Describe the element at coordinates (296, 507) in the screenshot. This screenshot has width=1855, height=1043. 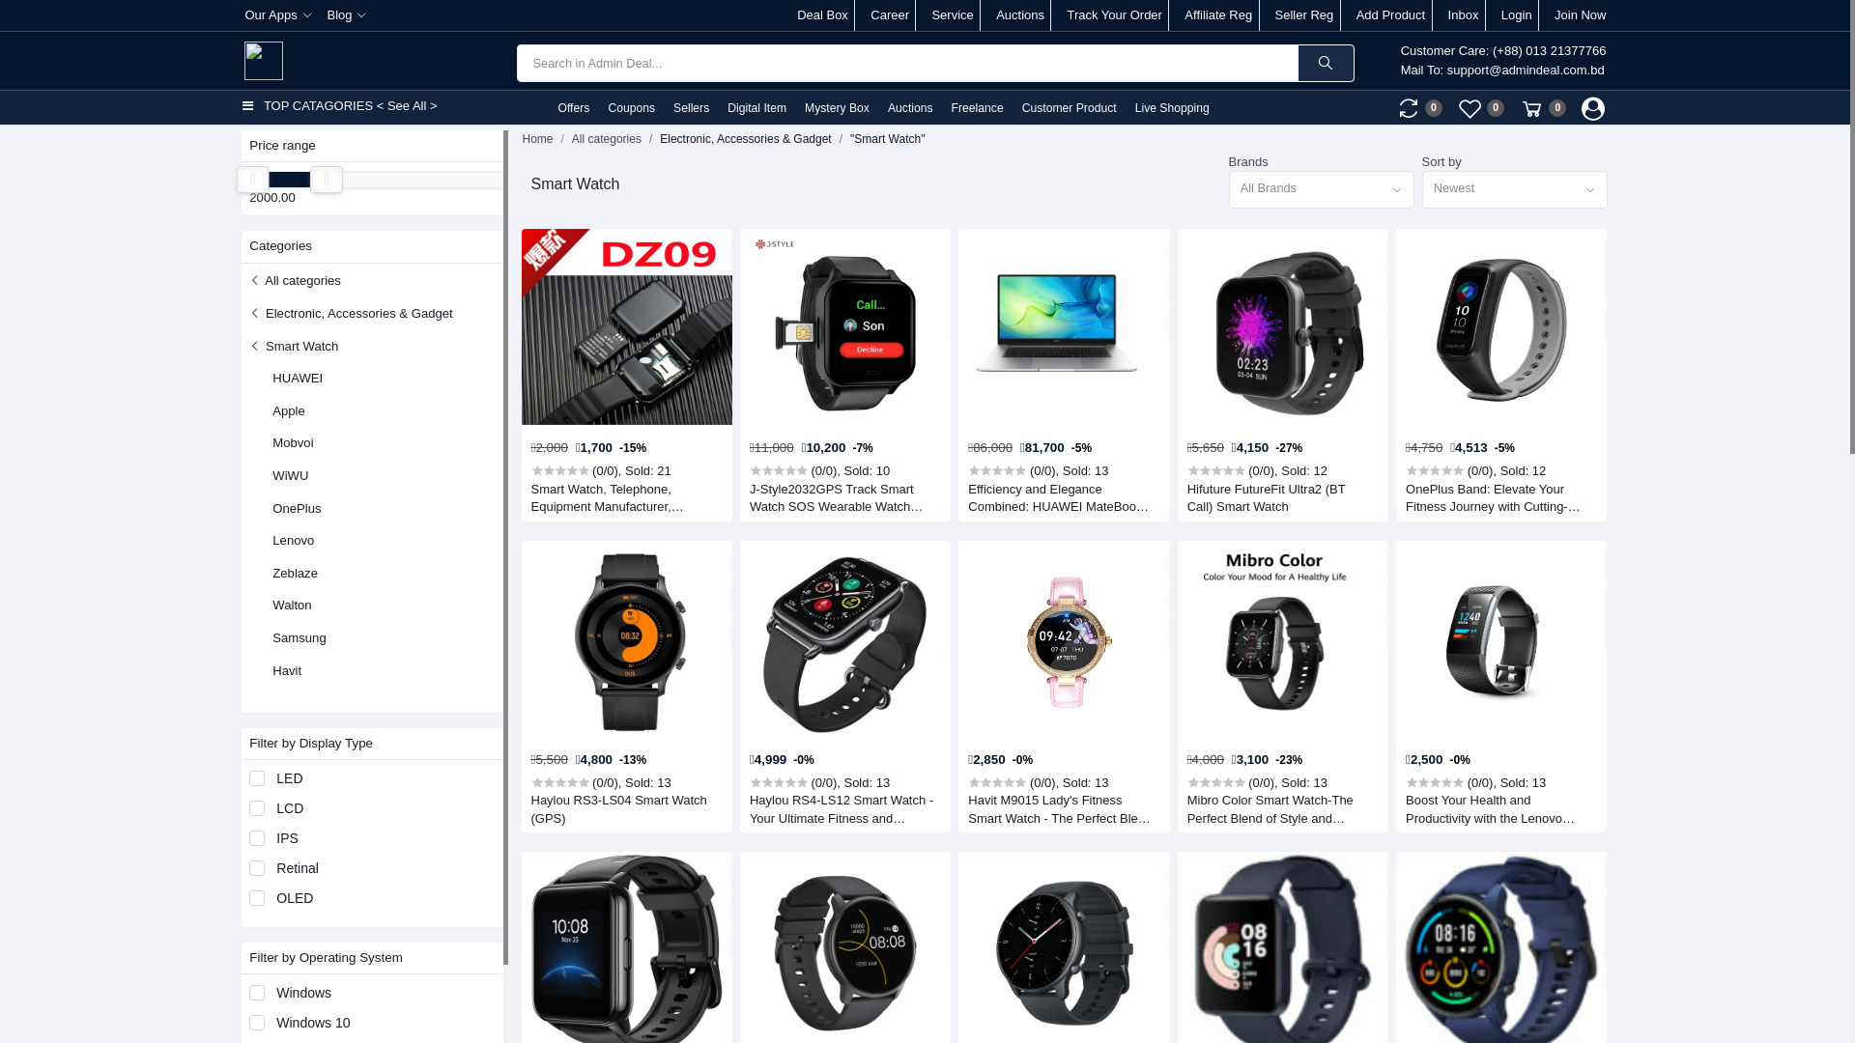
I see `'OnePlus'` at that location.